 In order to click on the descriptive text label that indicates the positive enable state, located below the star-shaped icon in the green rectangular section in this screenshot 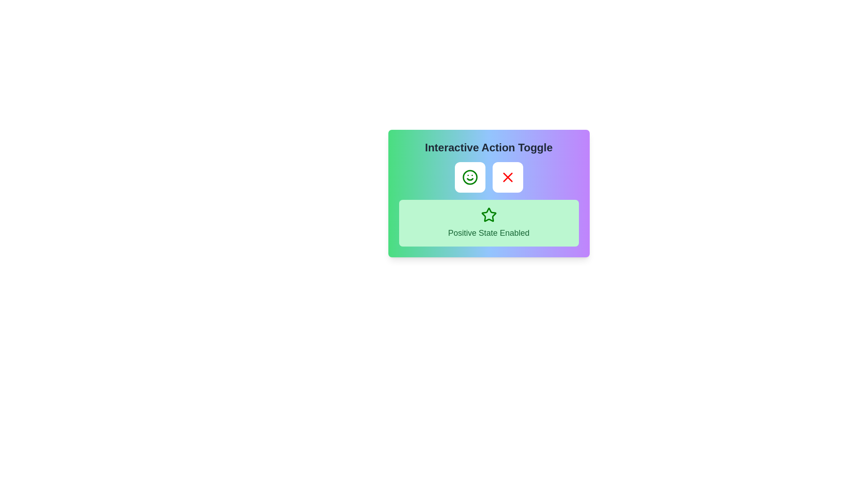, I will do `click(488, 233)`.